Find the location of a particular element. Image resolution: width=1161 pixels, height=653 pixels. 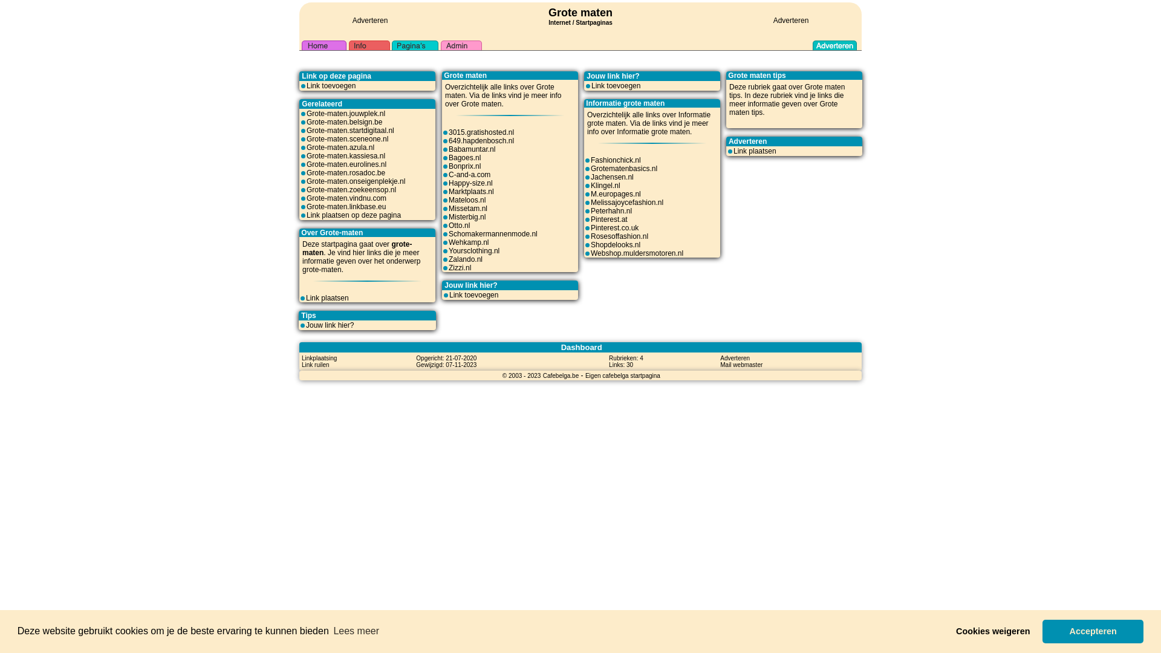

'Lees meer' is located at coordinates (356, 631).